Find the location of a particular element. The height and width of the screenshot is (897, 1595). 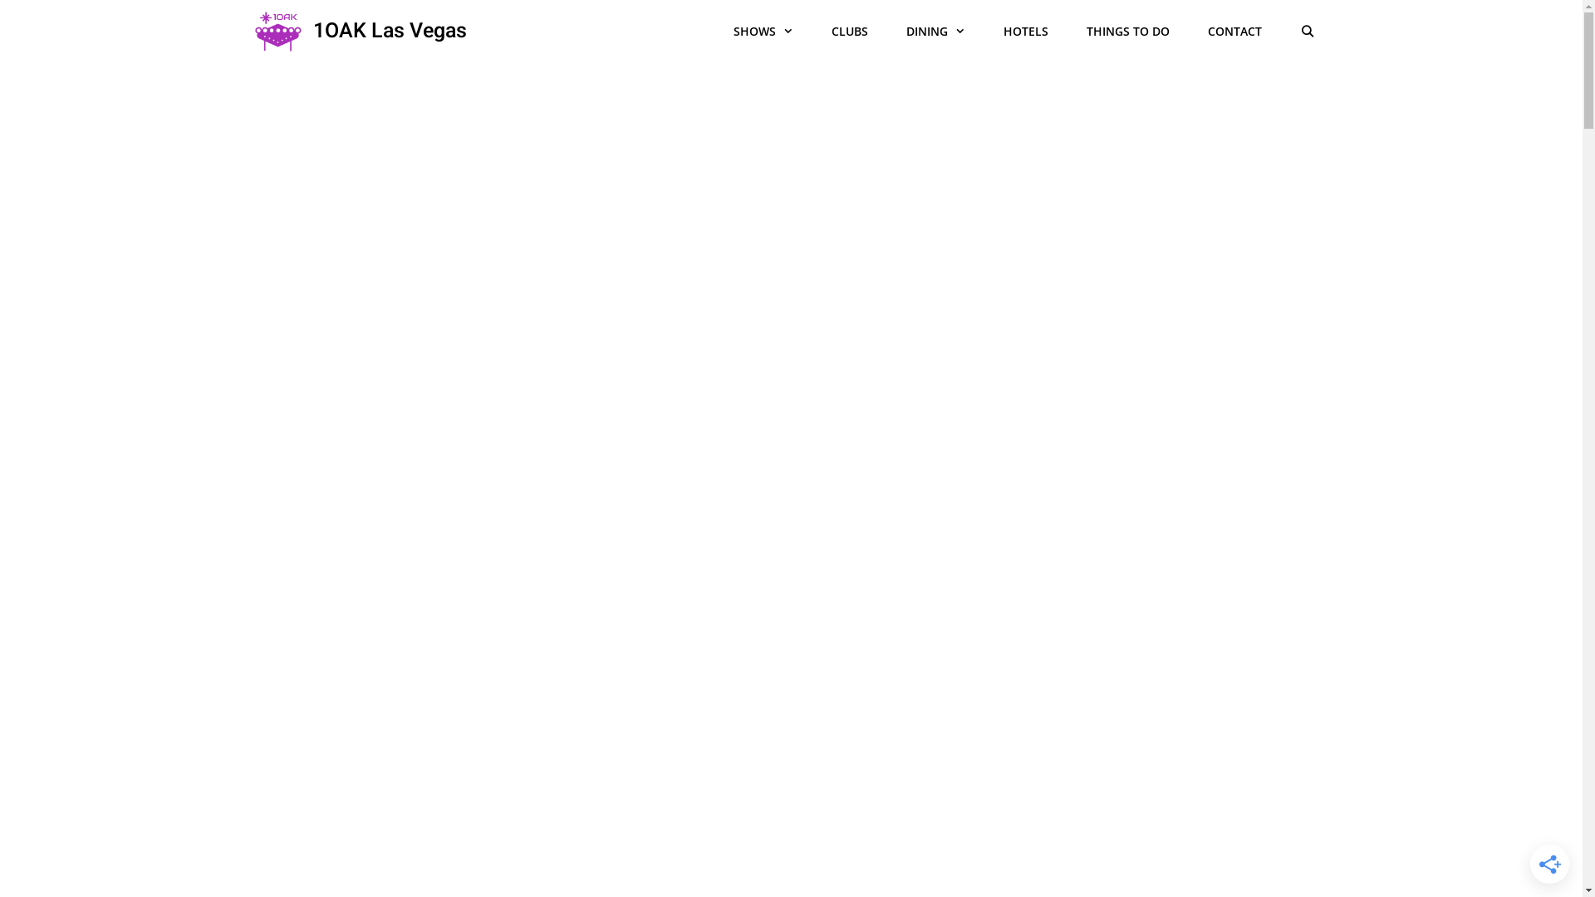

'1OAK Las Vegas' is located at coordinates (389, 32).